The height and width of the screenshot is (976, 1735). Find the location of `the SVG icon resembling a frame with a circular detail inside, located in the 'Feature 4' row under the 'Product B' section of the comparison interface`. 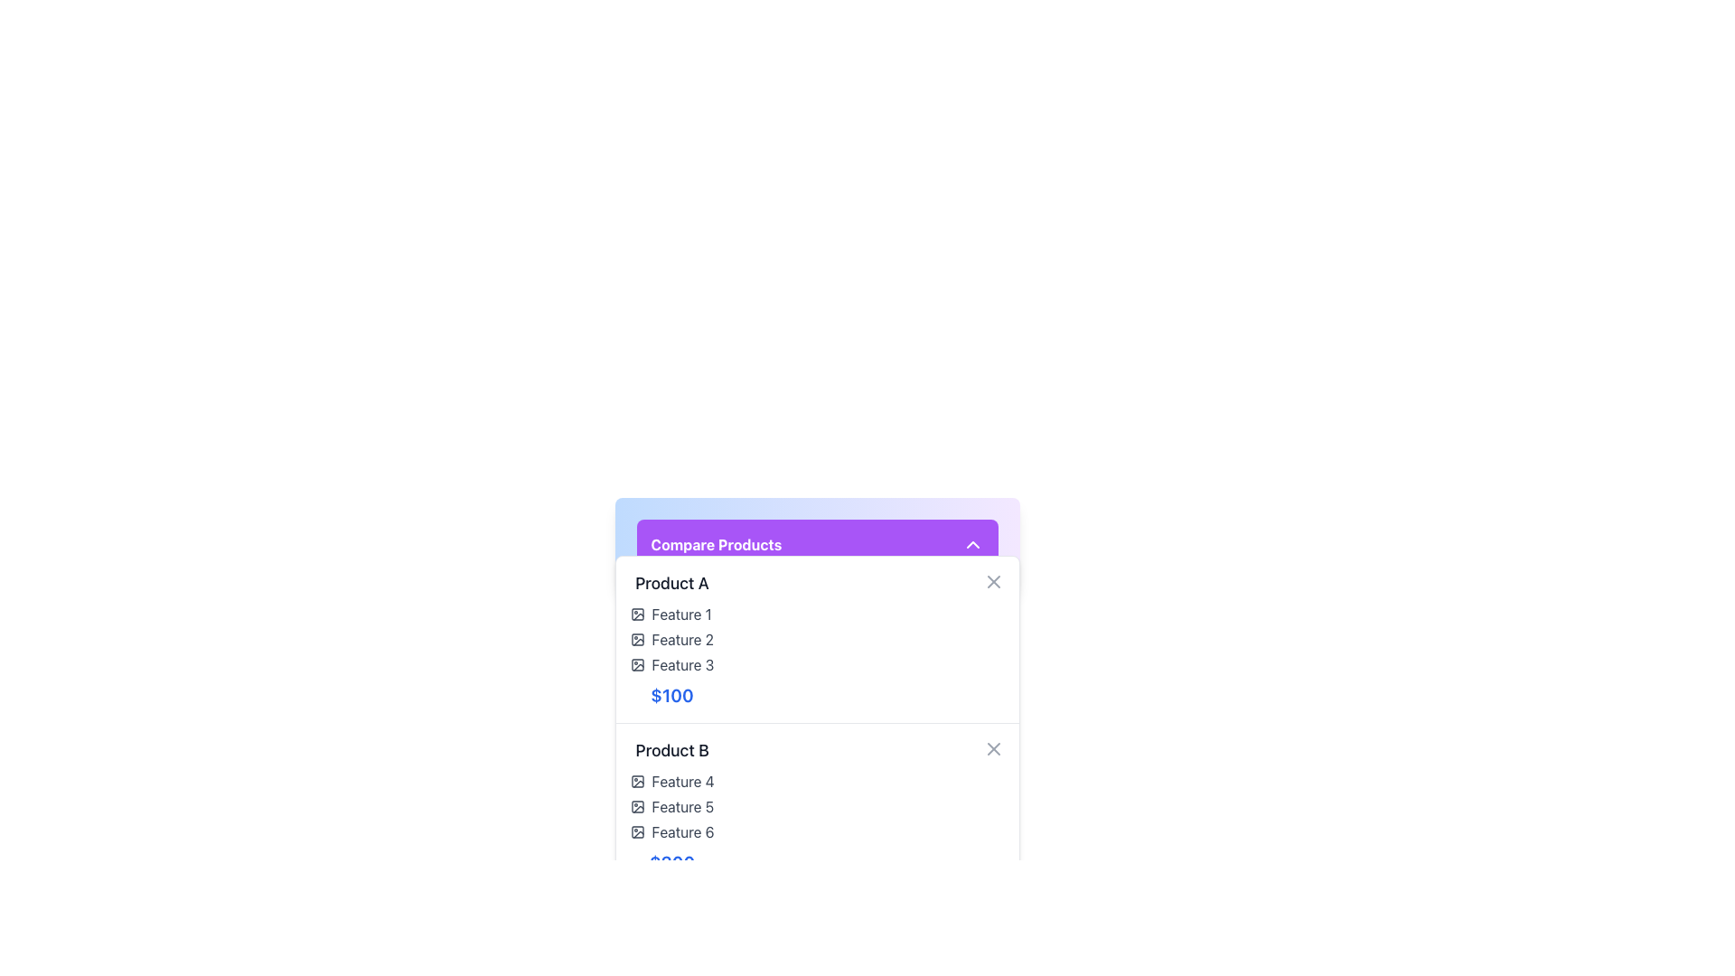

the SVG icon resembling a frame with a circular detail inside, located in the 'Feature 4' row under the 'Product B' section of the comparison interface is located at coordinates (637, 780).